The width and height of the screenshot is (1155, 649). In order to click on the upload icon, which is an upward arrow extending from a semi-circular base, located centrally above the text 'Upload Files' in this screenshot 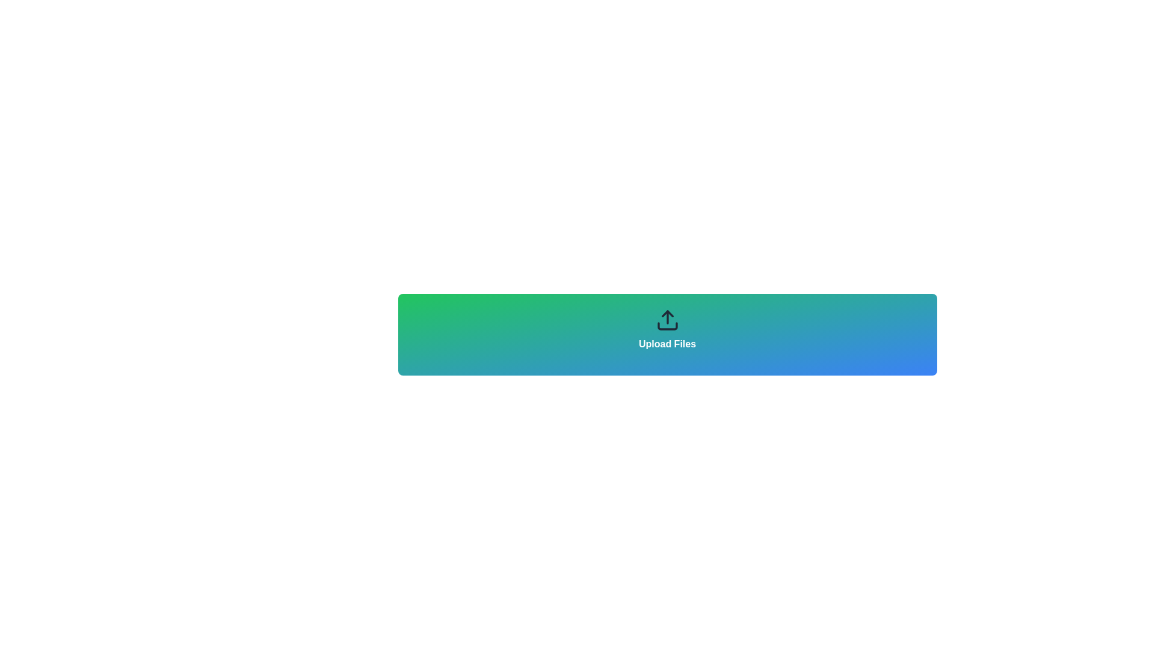, I will do `click(667, 319)`.